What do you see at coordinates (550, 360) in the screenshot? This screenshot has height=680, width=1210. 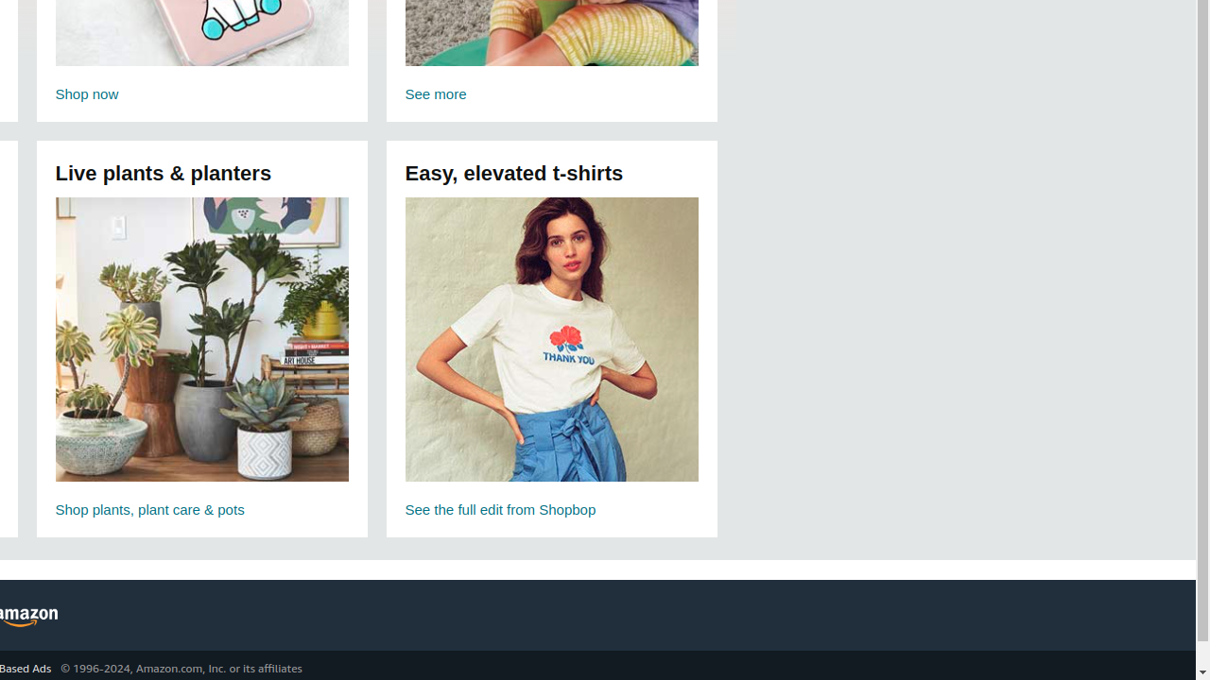 I see `'Easy, elevated t-shirts See the full edit from Shopbop'` at bounding box center [550, 360].